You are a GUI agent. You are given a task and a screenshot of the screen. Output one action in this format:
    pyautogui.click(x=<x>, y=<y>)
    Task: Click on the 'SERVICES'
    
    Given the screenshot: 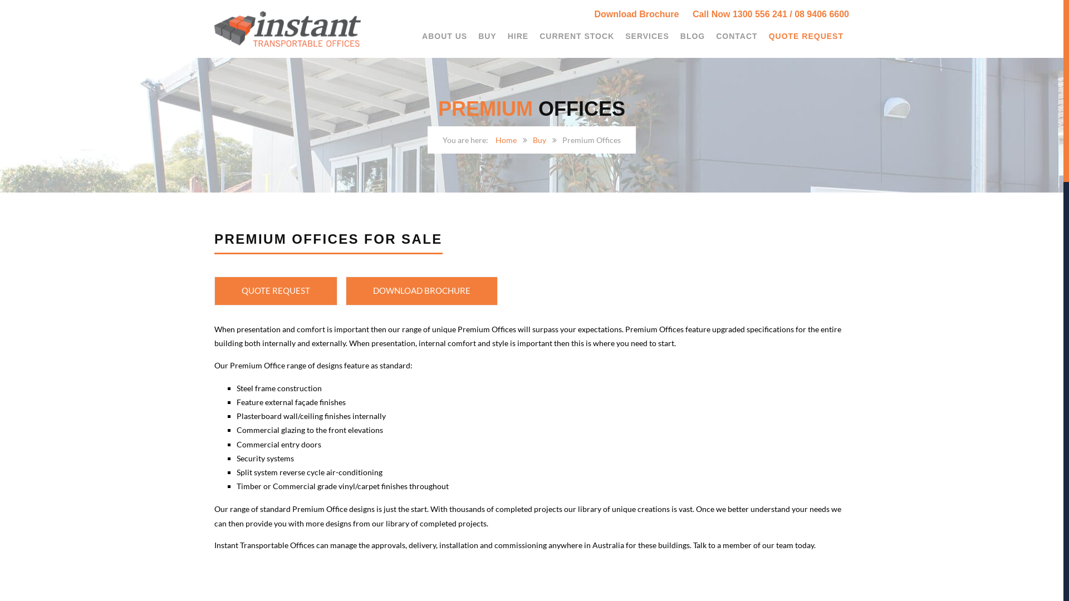 What is the action you would take?
    pyautogui.click(x=647, y=36)
    